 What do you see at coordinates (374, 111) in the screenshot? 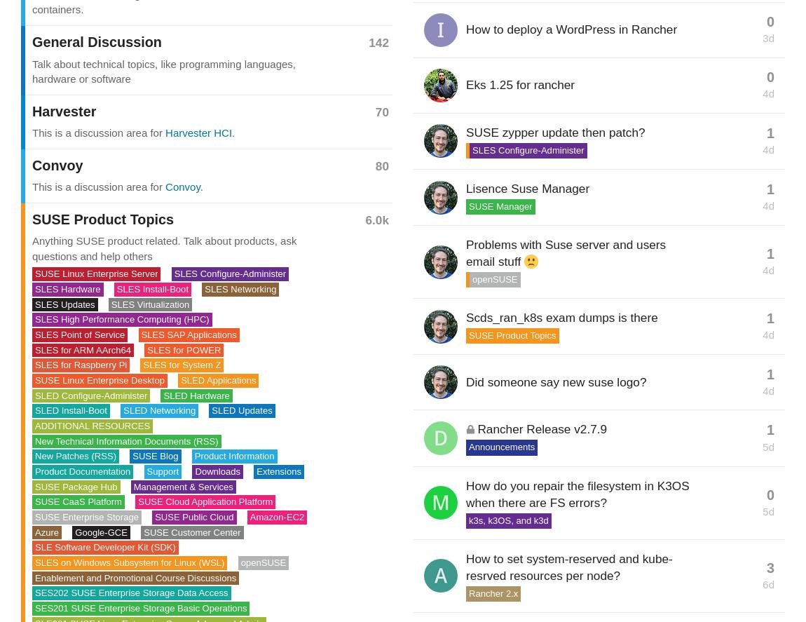
I see `'70'` at bounding box center [374, 111].